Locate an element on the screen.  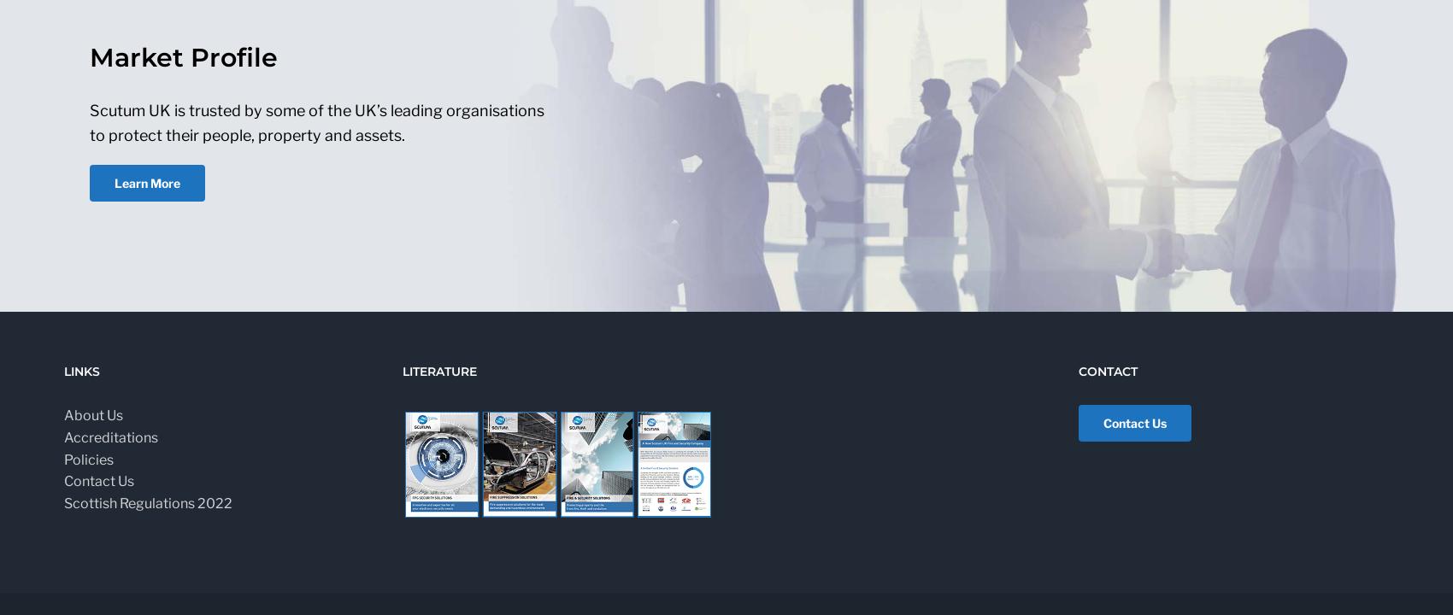
'Scottish Regulations 2022' is located at coordinates (147, 502).